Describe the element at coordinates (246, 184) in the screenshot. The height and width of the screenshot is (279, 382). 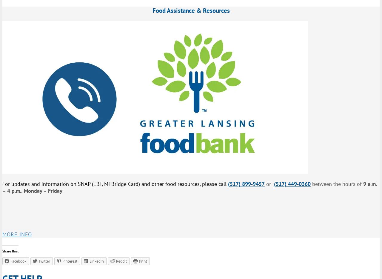
I see `'(517) 899-9457'` at that location.